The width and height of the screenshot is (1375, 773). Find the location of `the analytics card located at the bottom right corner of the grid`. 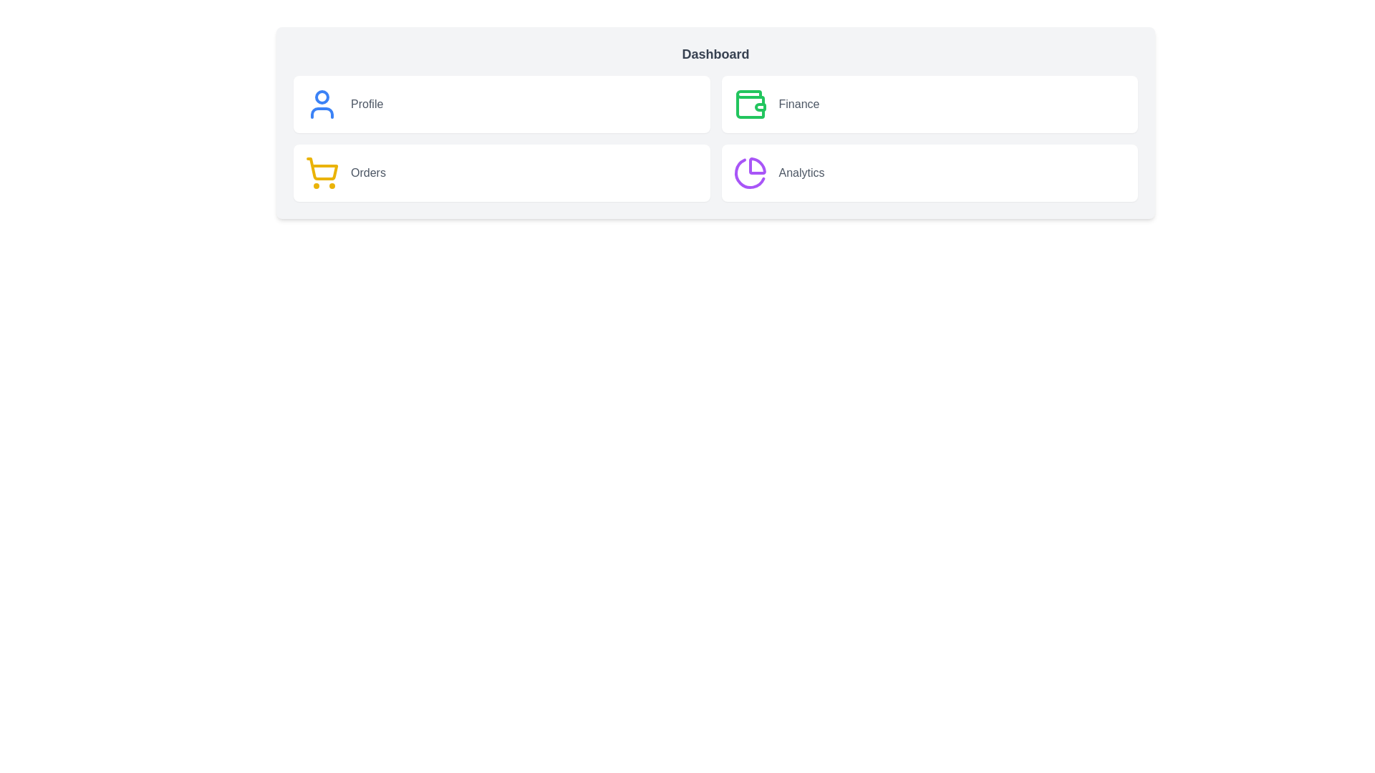

the analytics card located at the bottom right corner of the grid is located at coordinates (930, 172).